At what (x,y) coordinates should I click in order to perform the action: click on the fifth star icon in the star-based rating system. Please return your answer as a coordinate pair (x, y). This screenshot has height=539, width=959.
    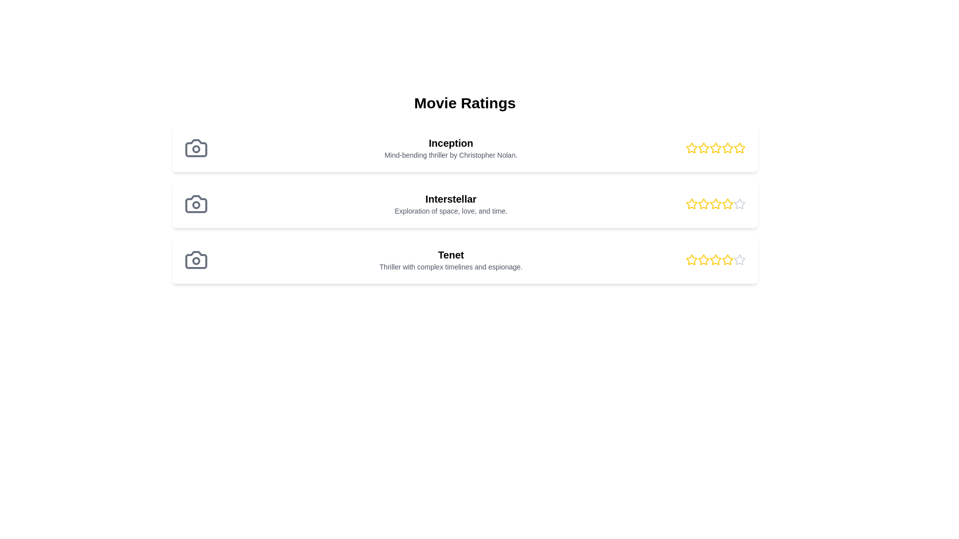
    Looking at the image, I should click on (740, 203).